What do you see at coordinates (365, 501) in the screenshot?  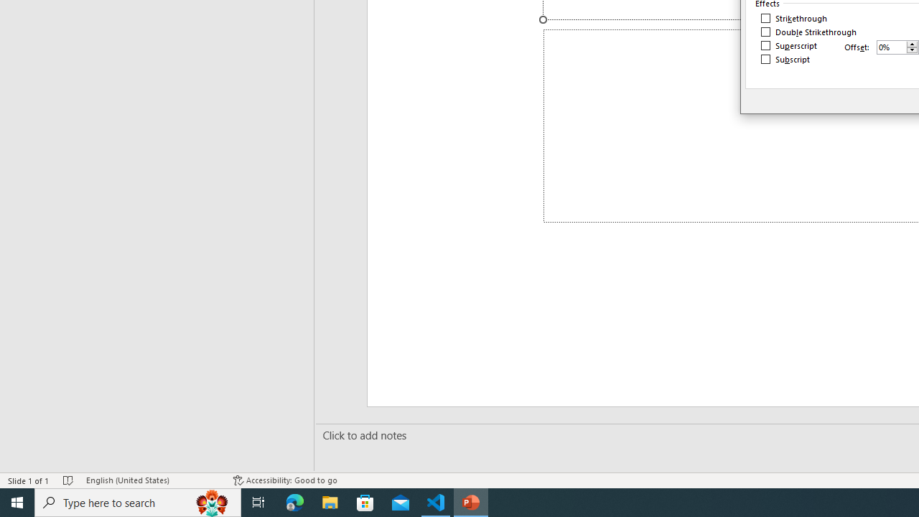 I see `'Microsoft Store'` at bounding box center [365, 501].